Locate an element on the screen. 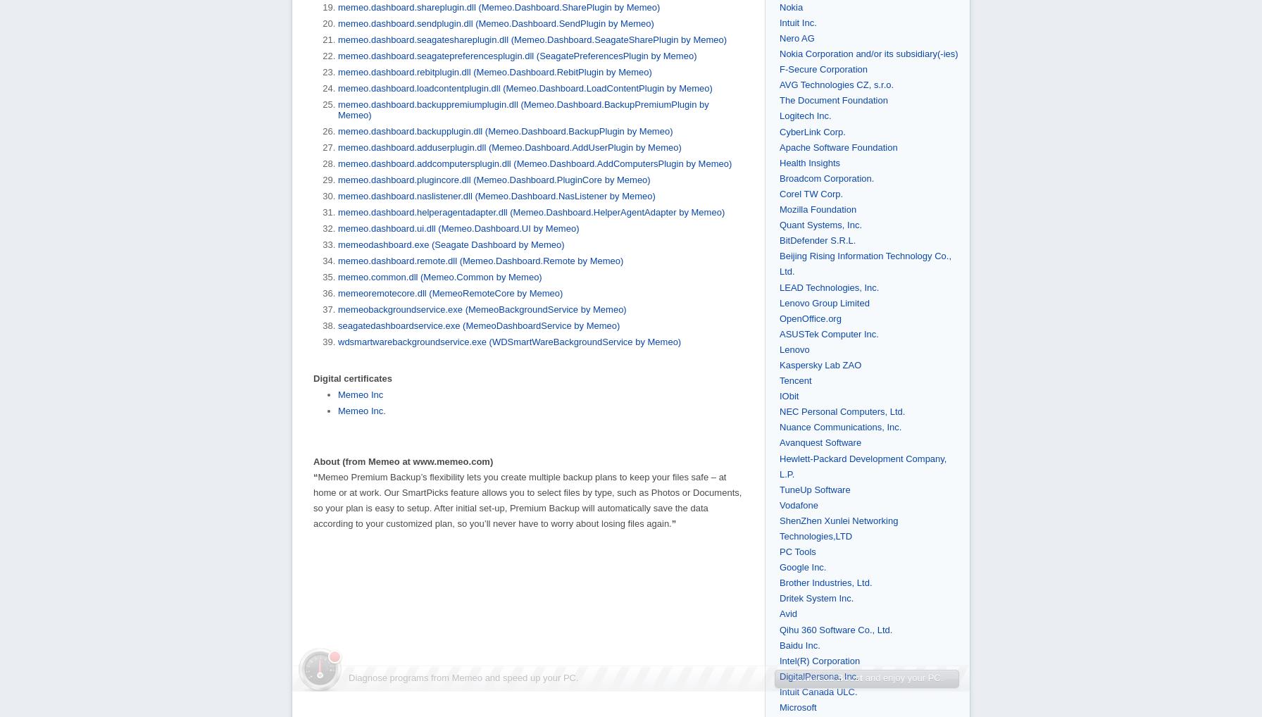  'Lenovo Group Limited' is located at coordinates (824, 301).